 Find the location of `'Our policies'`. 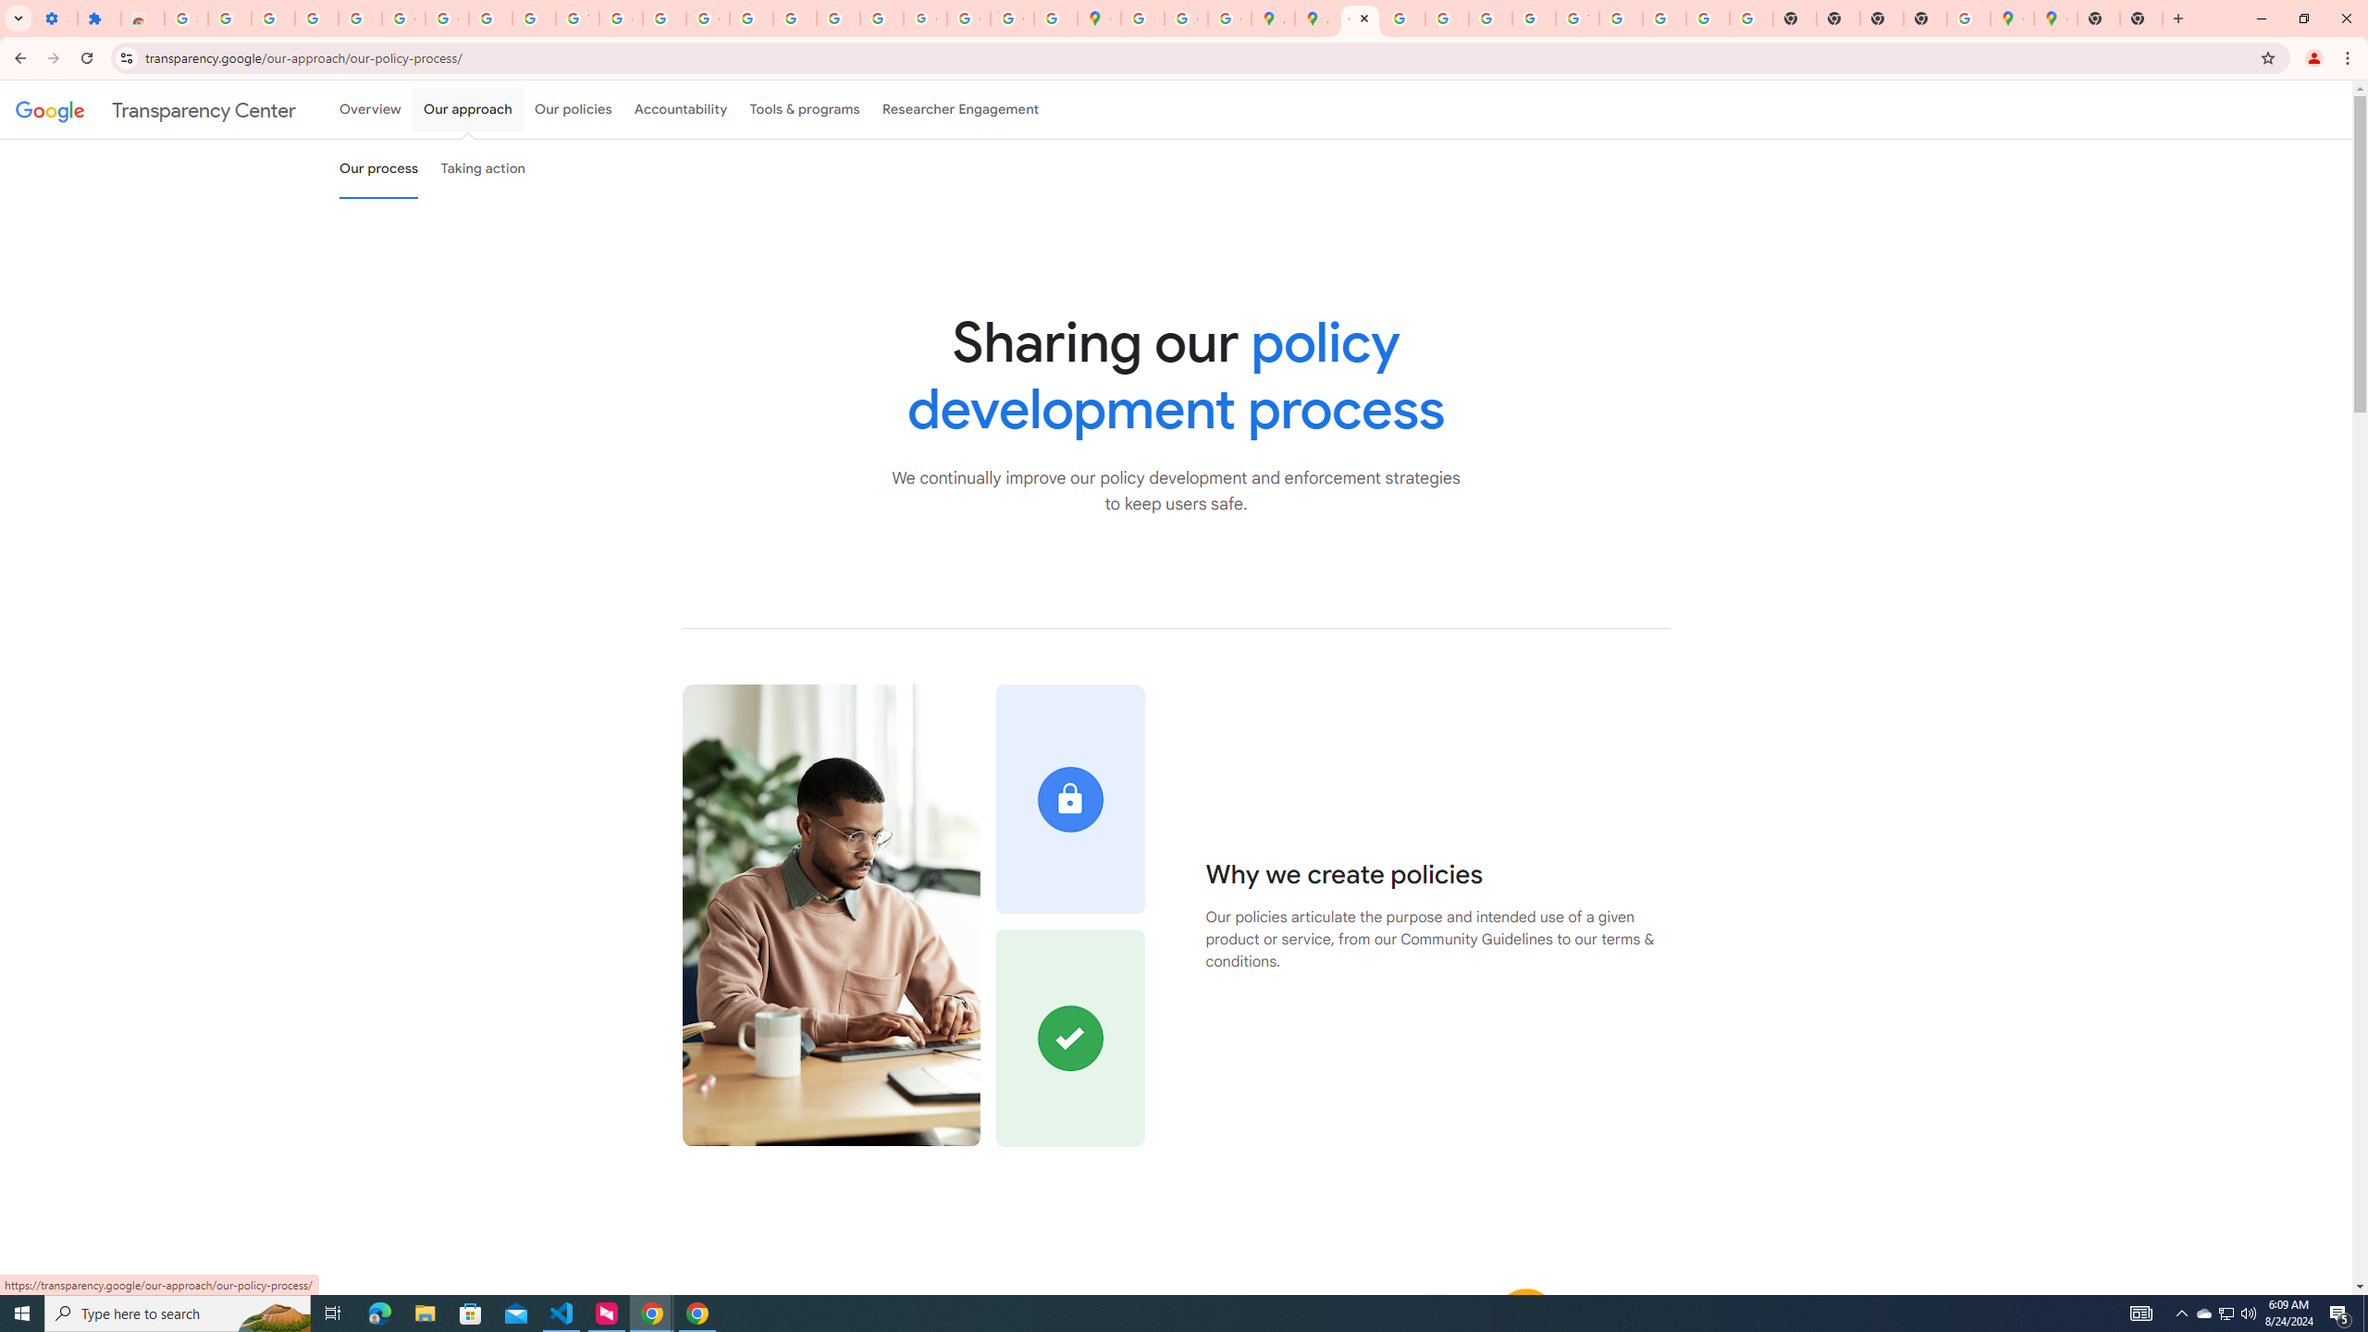

'Our policies' is located at coordinates (573, 109).